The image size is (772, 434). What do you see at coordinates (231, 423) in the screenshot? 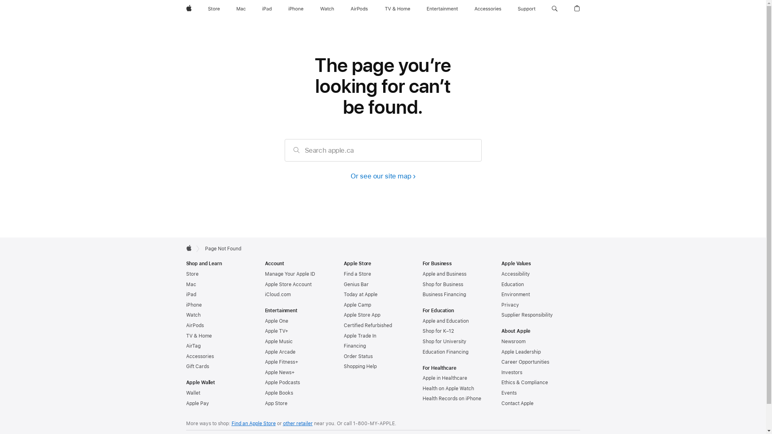
I see `'Find an Apple Store'` at bounding box center [231, 423].